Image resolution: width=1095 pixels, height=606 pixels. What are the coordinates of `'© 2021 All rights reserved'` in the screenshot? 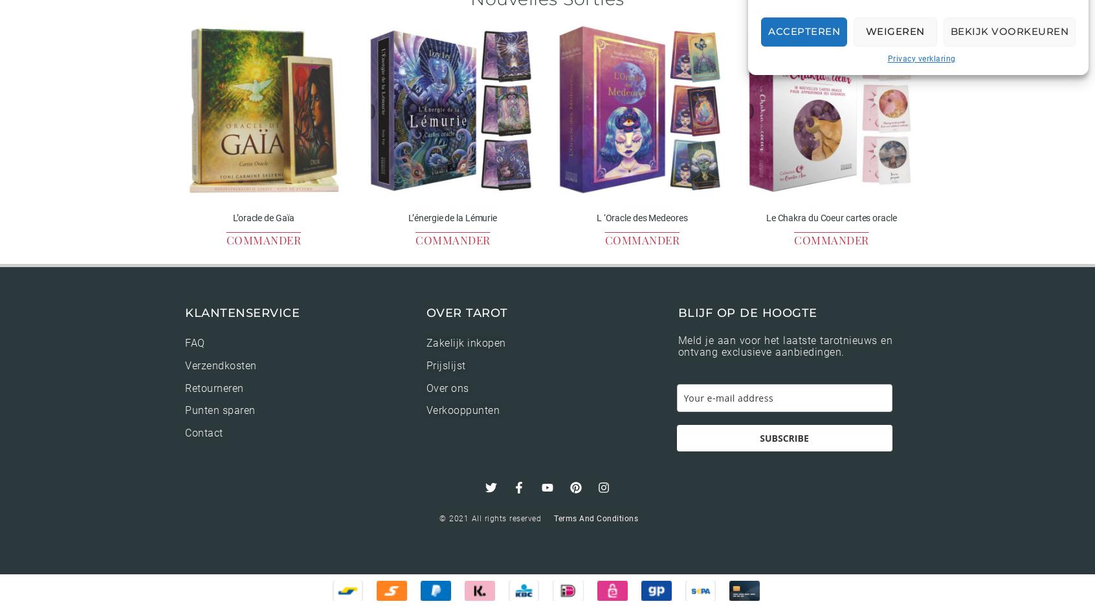 It's located at (489, 517).